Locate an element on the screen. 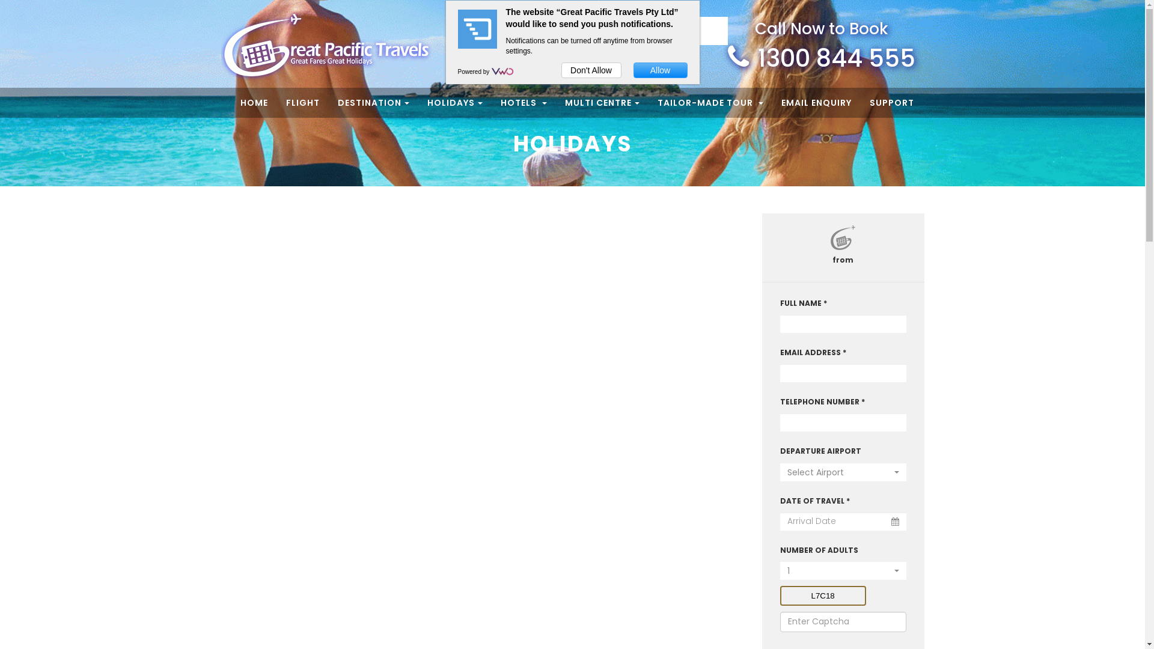 The height and width of the screenshot is (649, 1154). 'TAILOR-MADE TOUR' is located at coordinates (710, 102).